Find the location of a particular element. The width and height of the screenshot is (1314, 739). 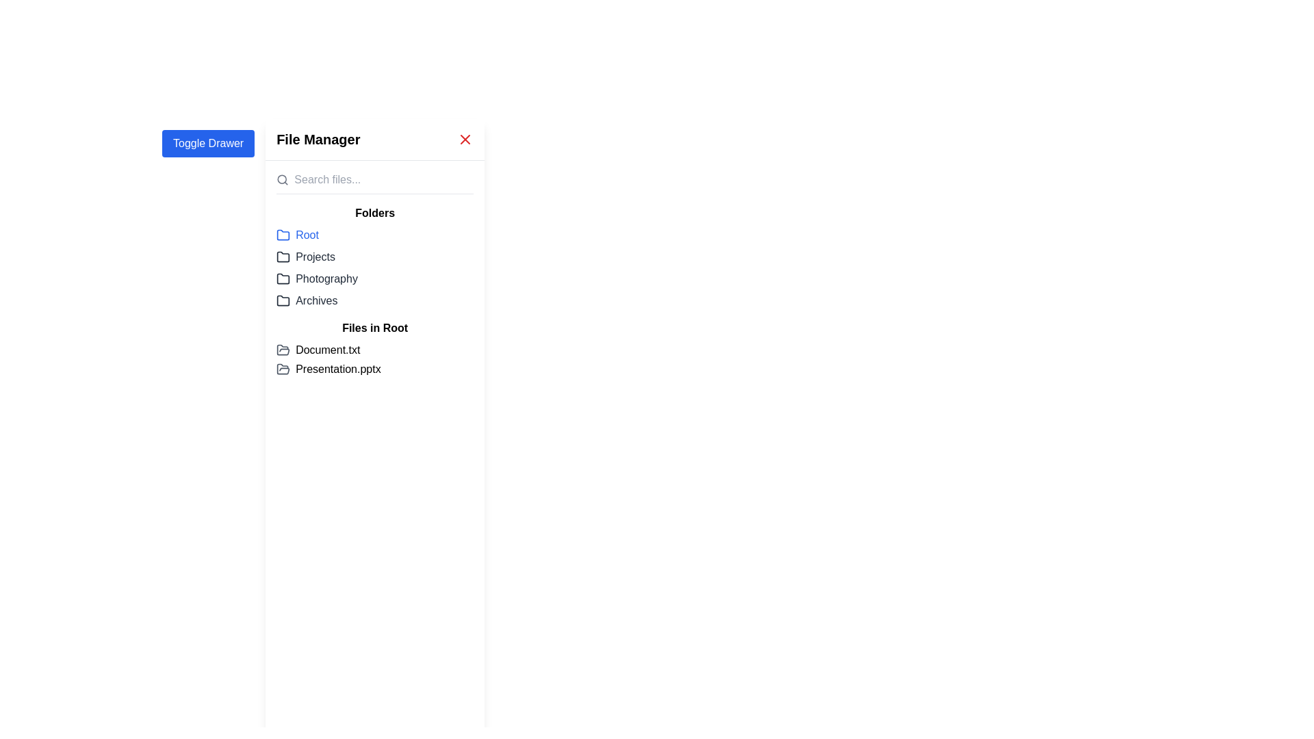

the 'Root' text label and folder icon located in the left sidebar under the 'Folders' section is located at coordinates (297, 234).